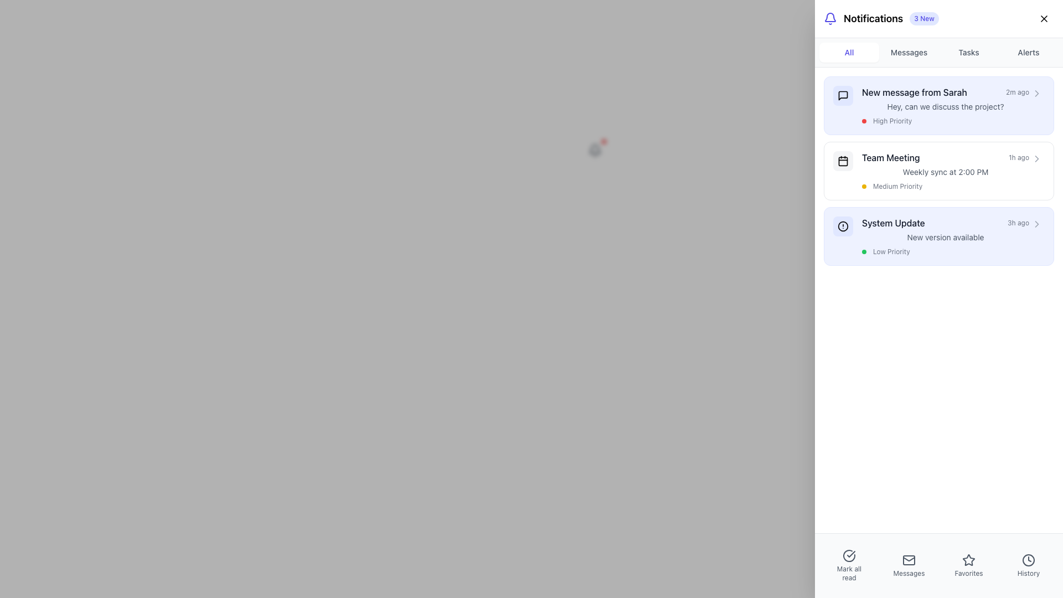 This screenshot has width=1063, height=598. I want to click on the second notification card in the list, which provides details about a scheduled team meeting, so click(945, 171).